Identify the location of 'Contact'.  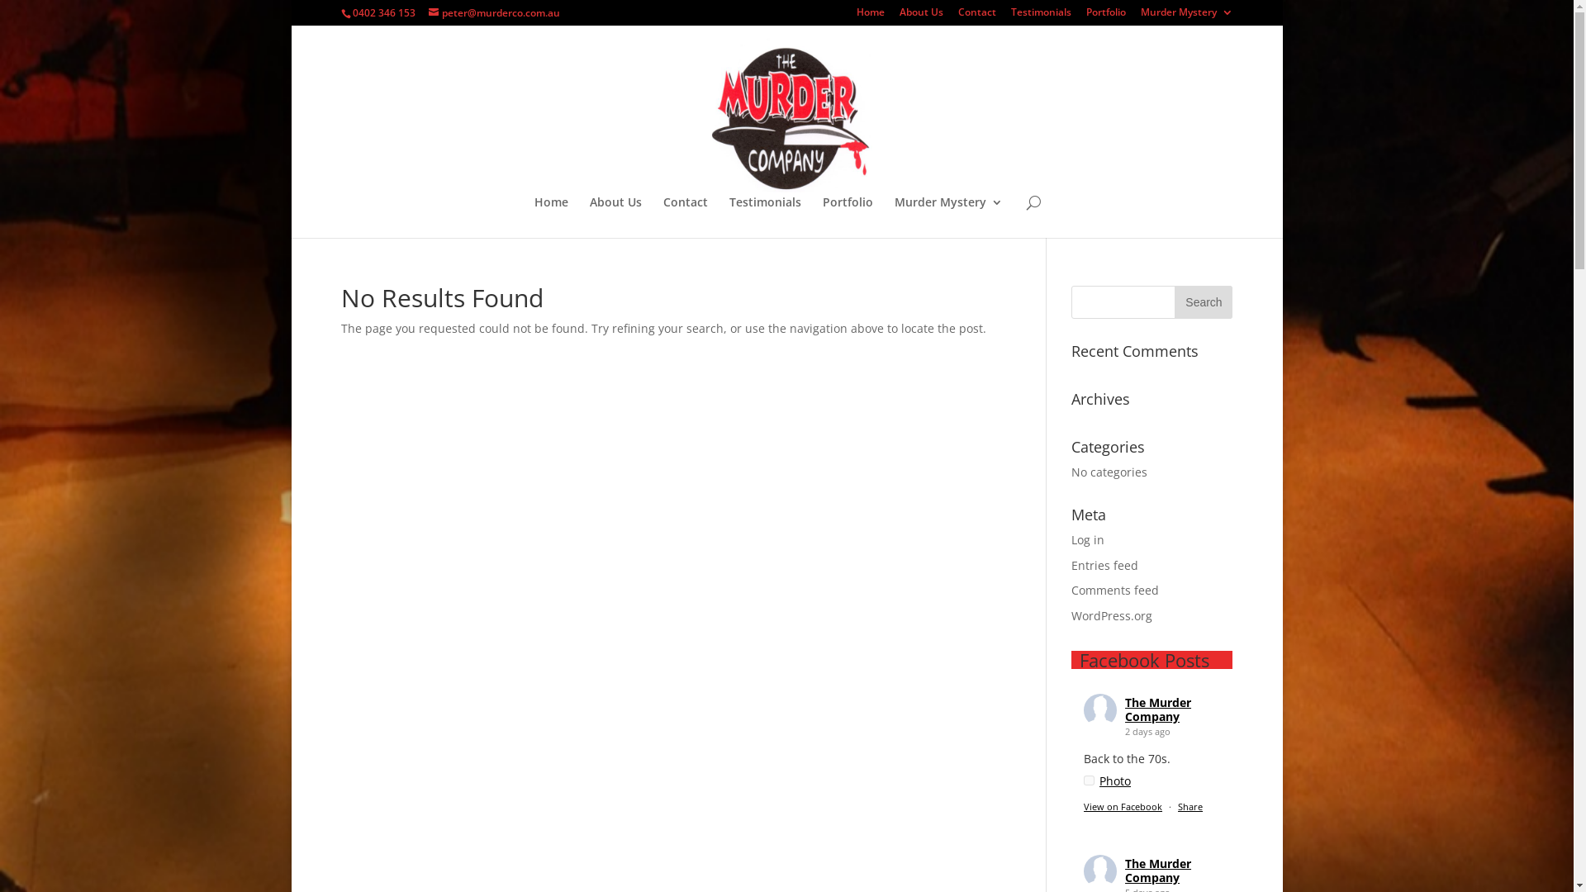
(686, 216).